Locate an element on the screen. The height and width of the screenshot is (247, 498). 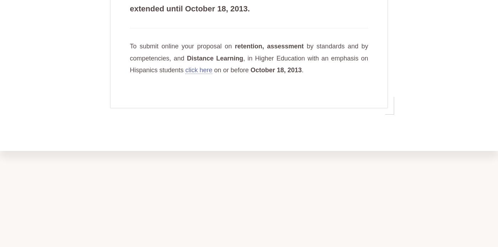
'To submit online your proposal on' is located at coordinates (182, 46).